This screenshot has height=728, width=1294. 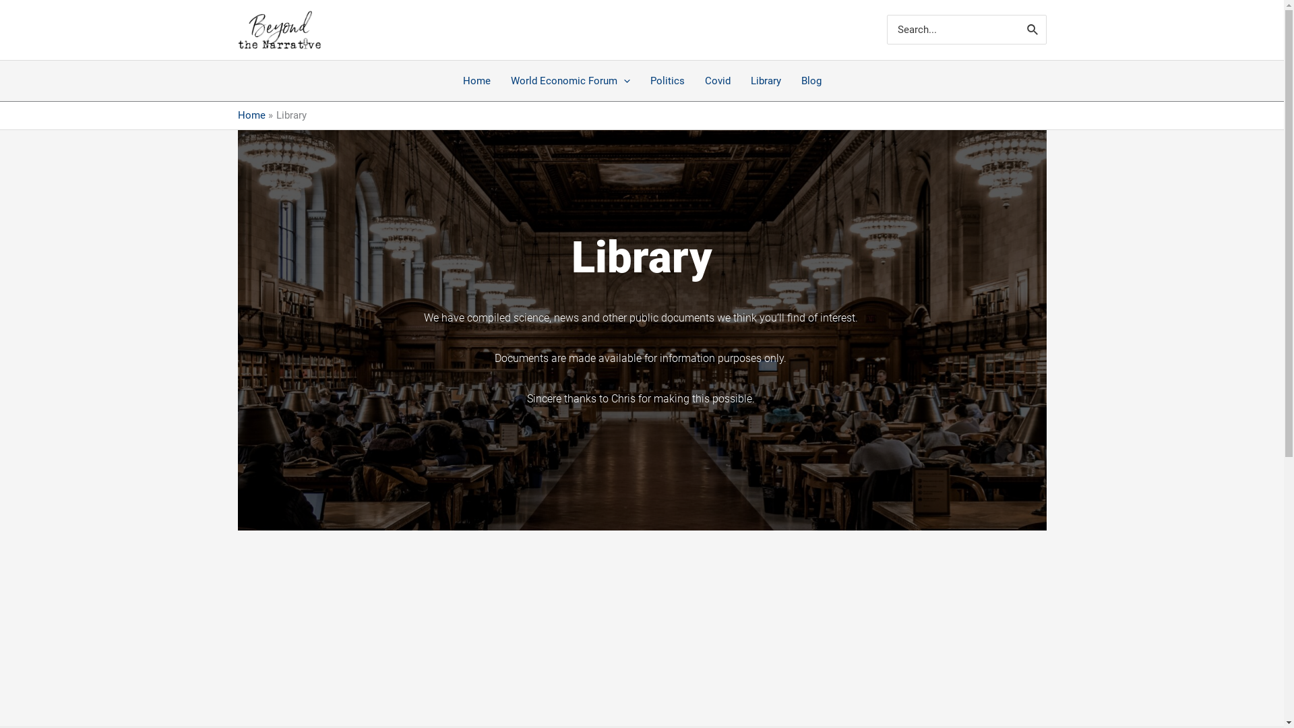 I want to click on 'World Economic Forum', so click(x=569, y=80).